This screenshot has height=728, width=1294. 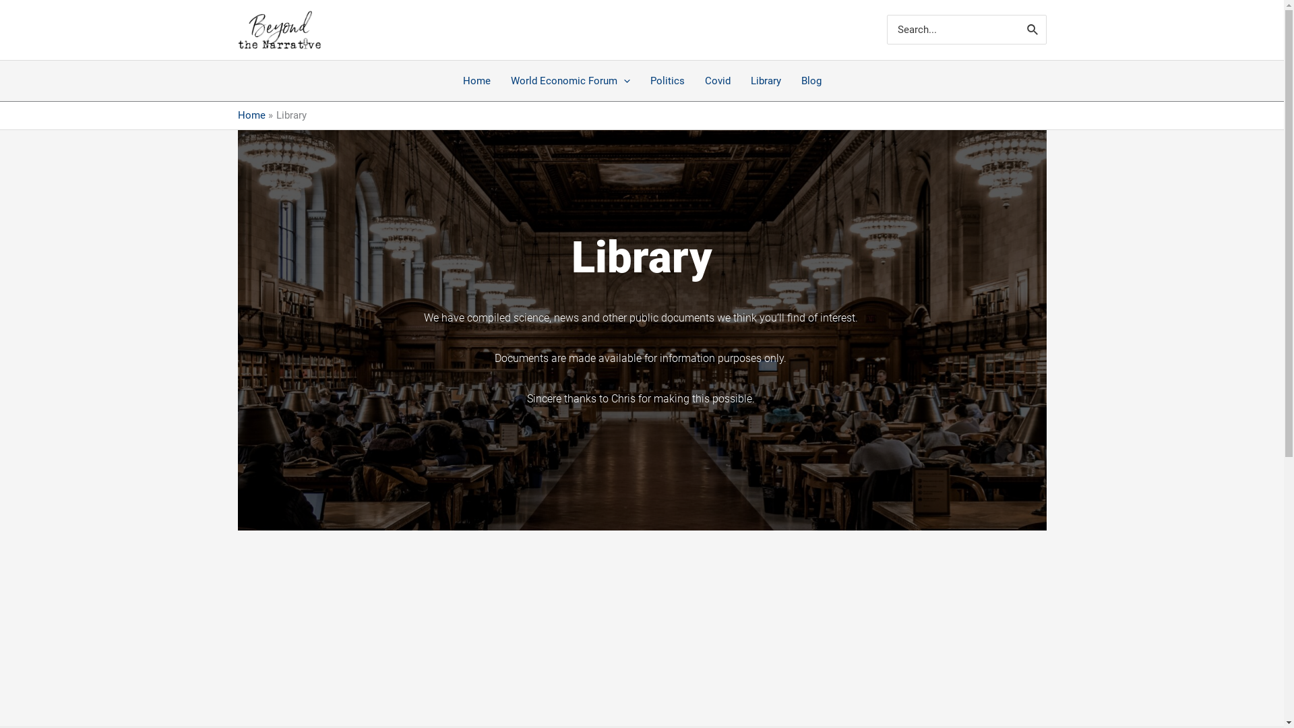 I want to click on 'World Economic Forum', so click(x=569, y=80).